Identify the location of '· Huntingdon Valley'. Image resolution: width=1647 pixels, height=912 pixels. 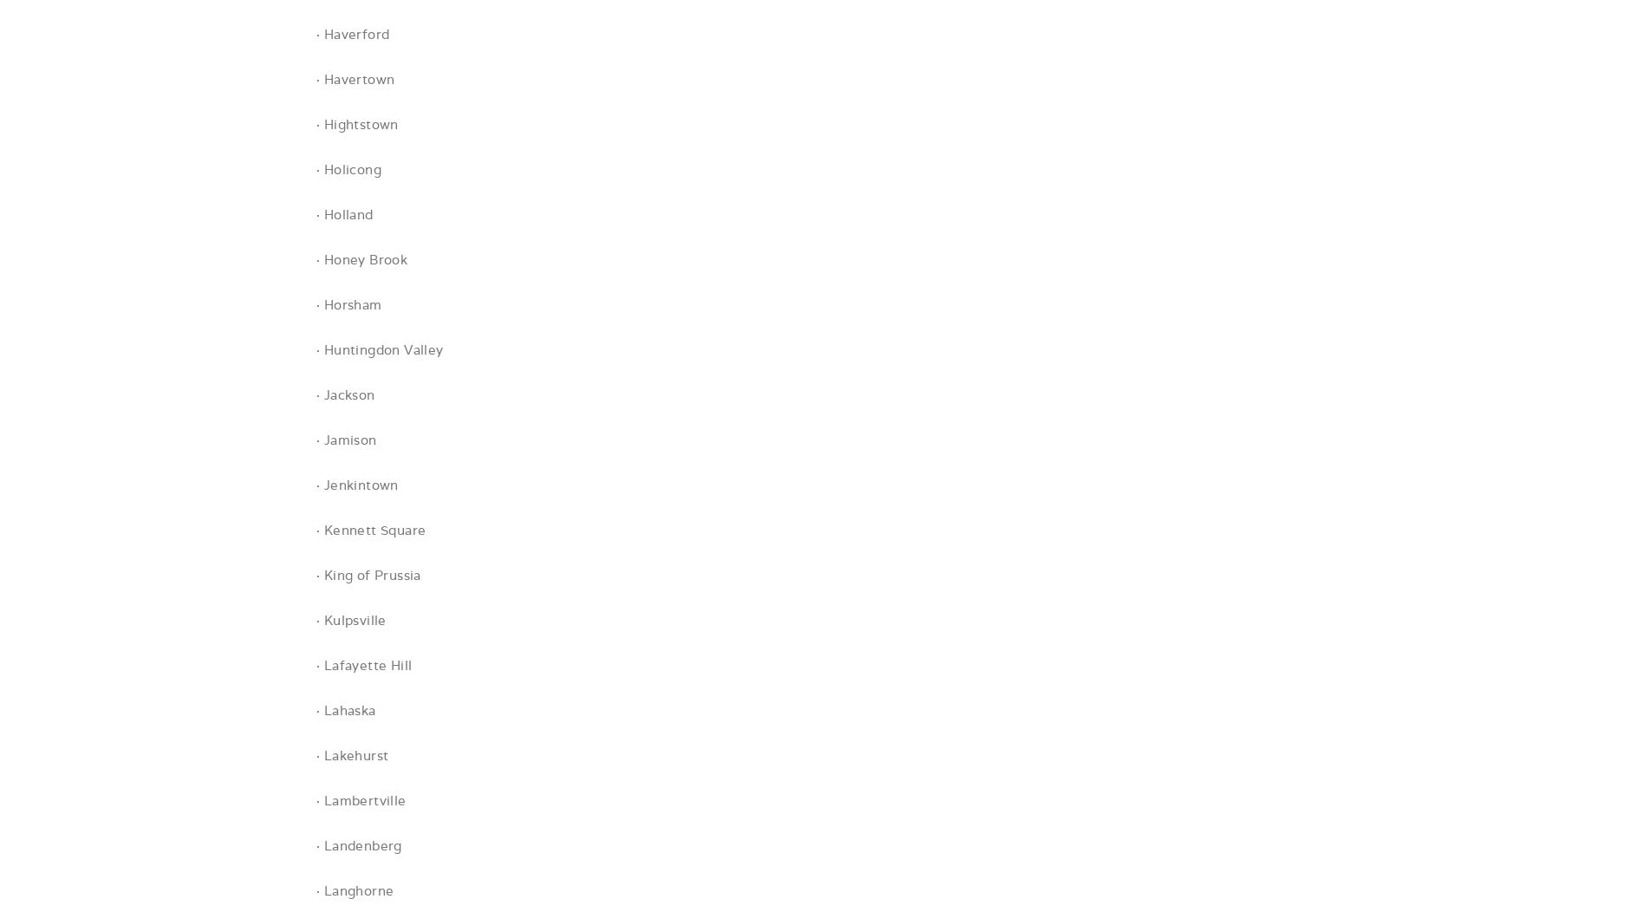
(378, 349).